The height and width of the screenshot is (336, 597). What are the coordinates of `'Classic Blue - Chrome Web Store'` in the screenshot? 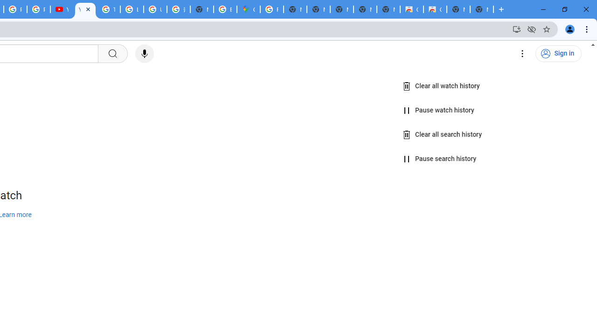 It's located at (434, 9).